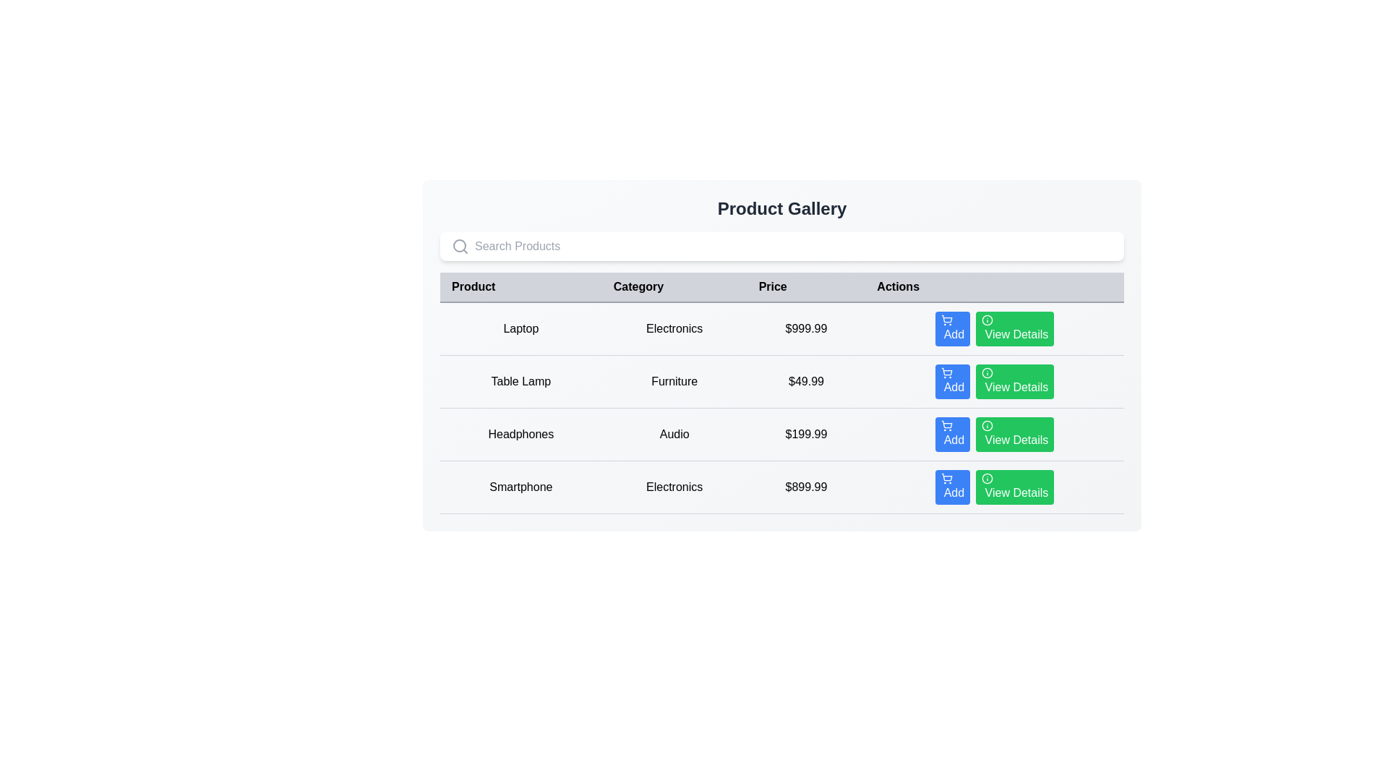 The height and width of the screenshot is (781, 1388). What do you see at coordinates (994, 381) in the screenshot?
I see `the 'View Details' button with a green background and white text located in the 'Actions' column of the 'Table Lamp' row` at bounding box center [994, 381].